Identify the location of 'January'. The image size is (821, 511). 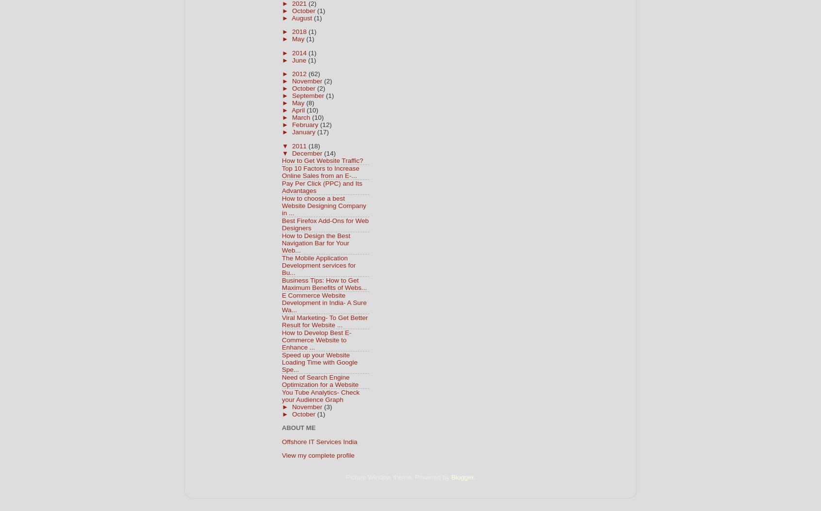
(291, 131).